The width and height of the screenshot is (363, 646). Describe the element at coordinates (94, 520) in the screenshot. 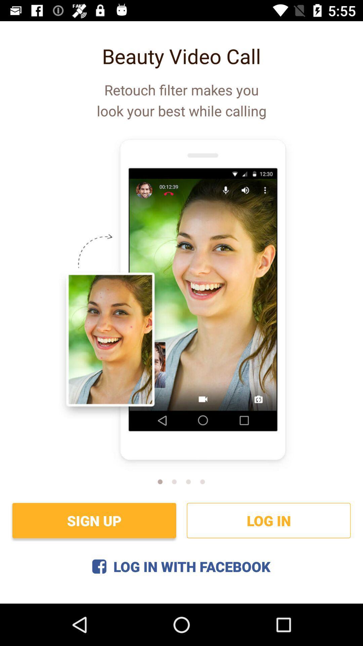

I see `the icon above the log in with` at that location.